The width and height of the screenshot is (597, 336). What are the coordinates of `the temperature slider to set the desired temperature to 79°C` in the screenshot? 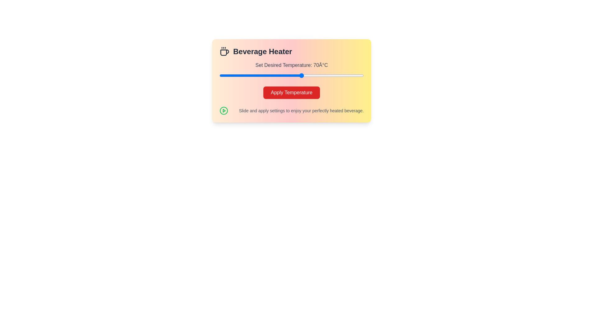 It's located at (320, 75).